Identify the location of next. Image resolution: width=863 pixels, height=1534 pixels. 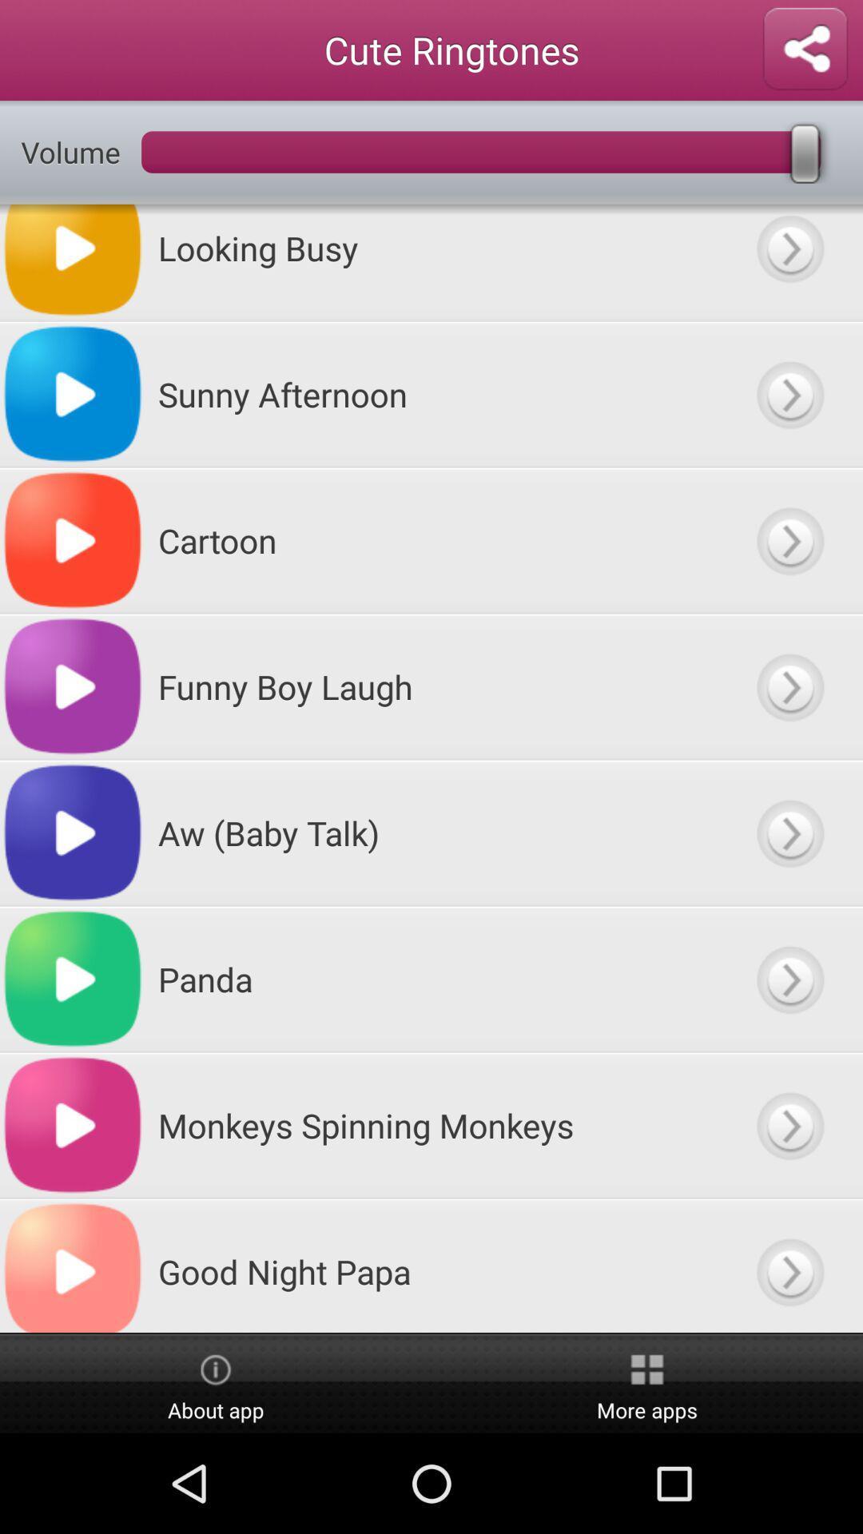
(789, 1124).